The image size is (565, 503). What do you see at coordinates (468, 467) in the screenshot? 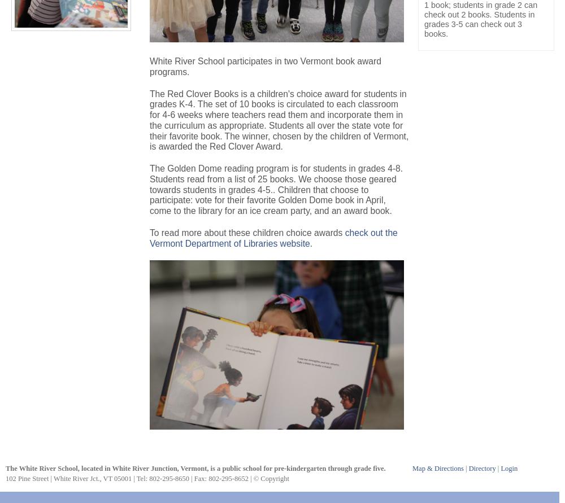
I see `'Directory'` at bounding box center [468, 467].